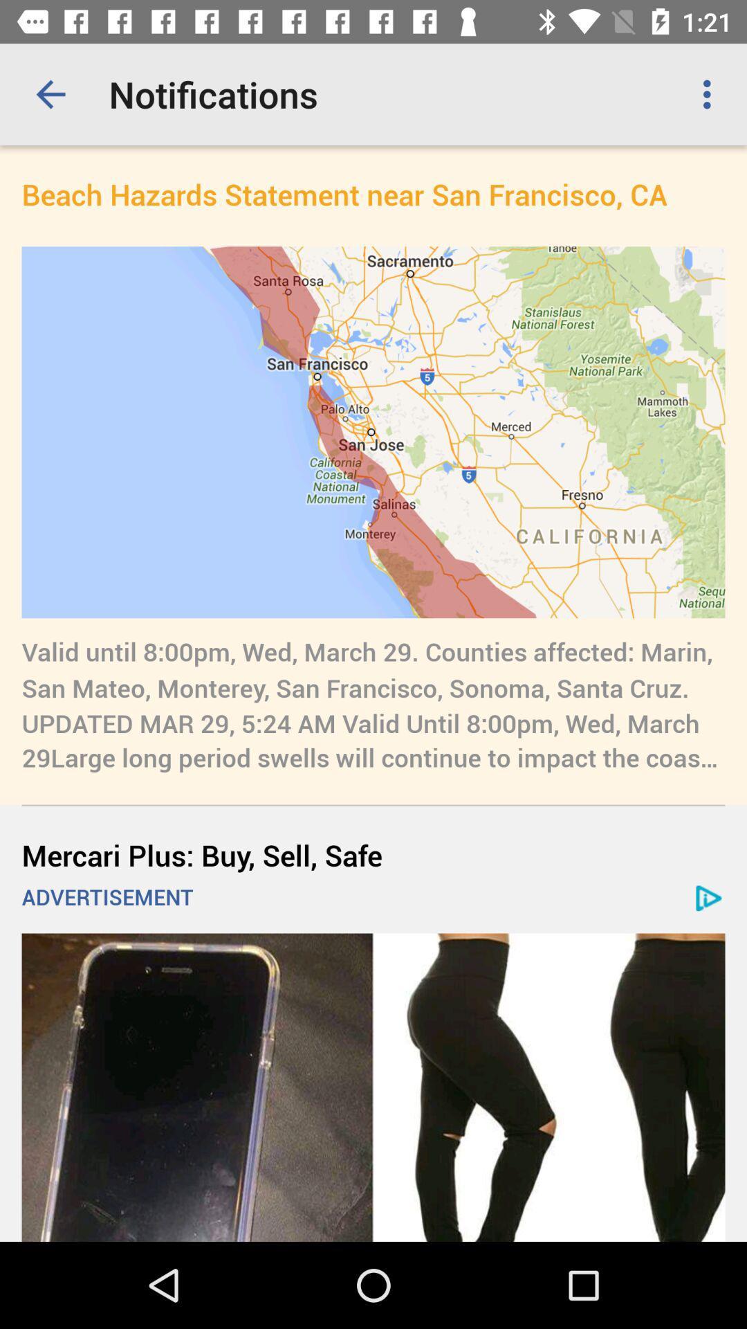 This screenshot has width=747, height=1329. I want to click on item above beach hazards statement item, so click(50, 93).